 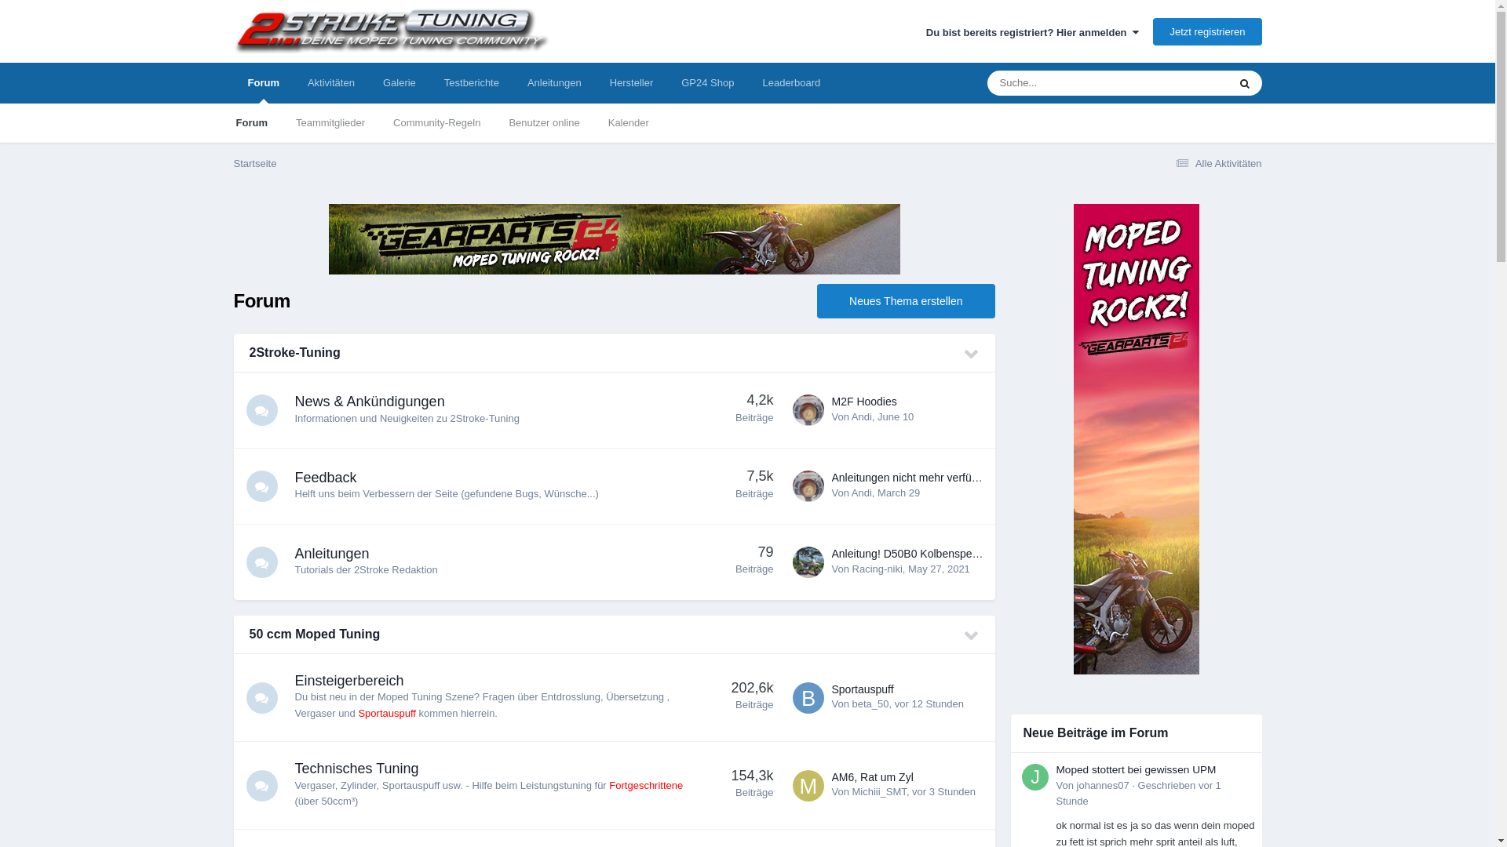 I want to click on 'Hersteller', so click(x=632, y=82).